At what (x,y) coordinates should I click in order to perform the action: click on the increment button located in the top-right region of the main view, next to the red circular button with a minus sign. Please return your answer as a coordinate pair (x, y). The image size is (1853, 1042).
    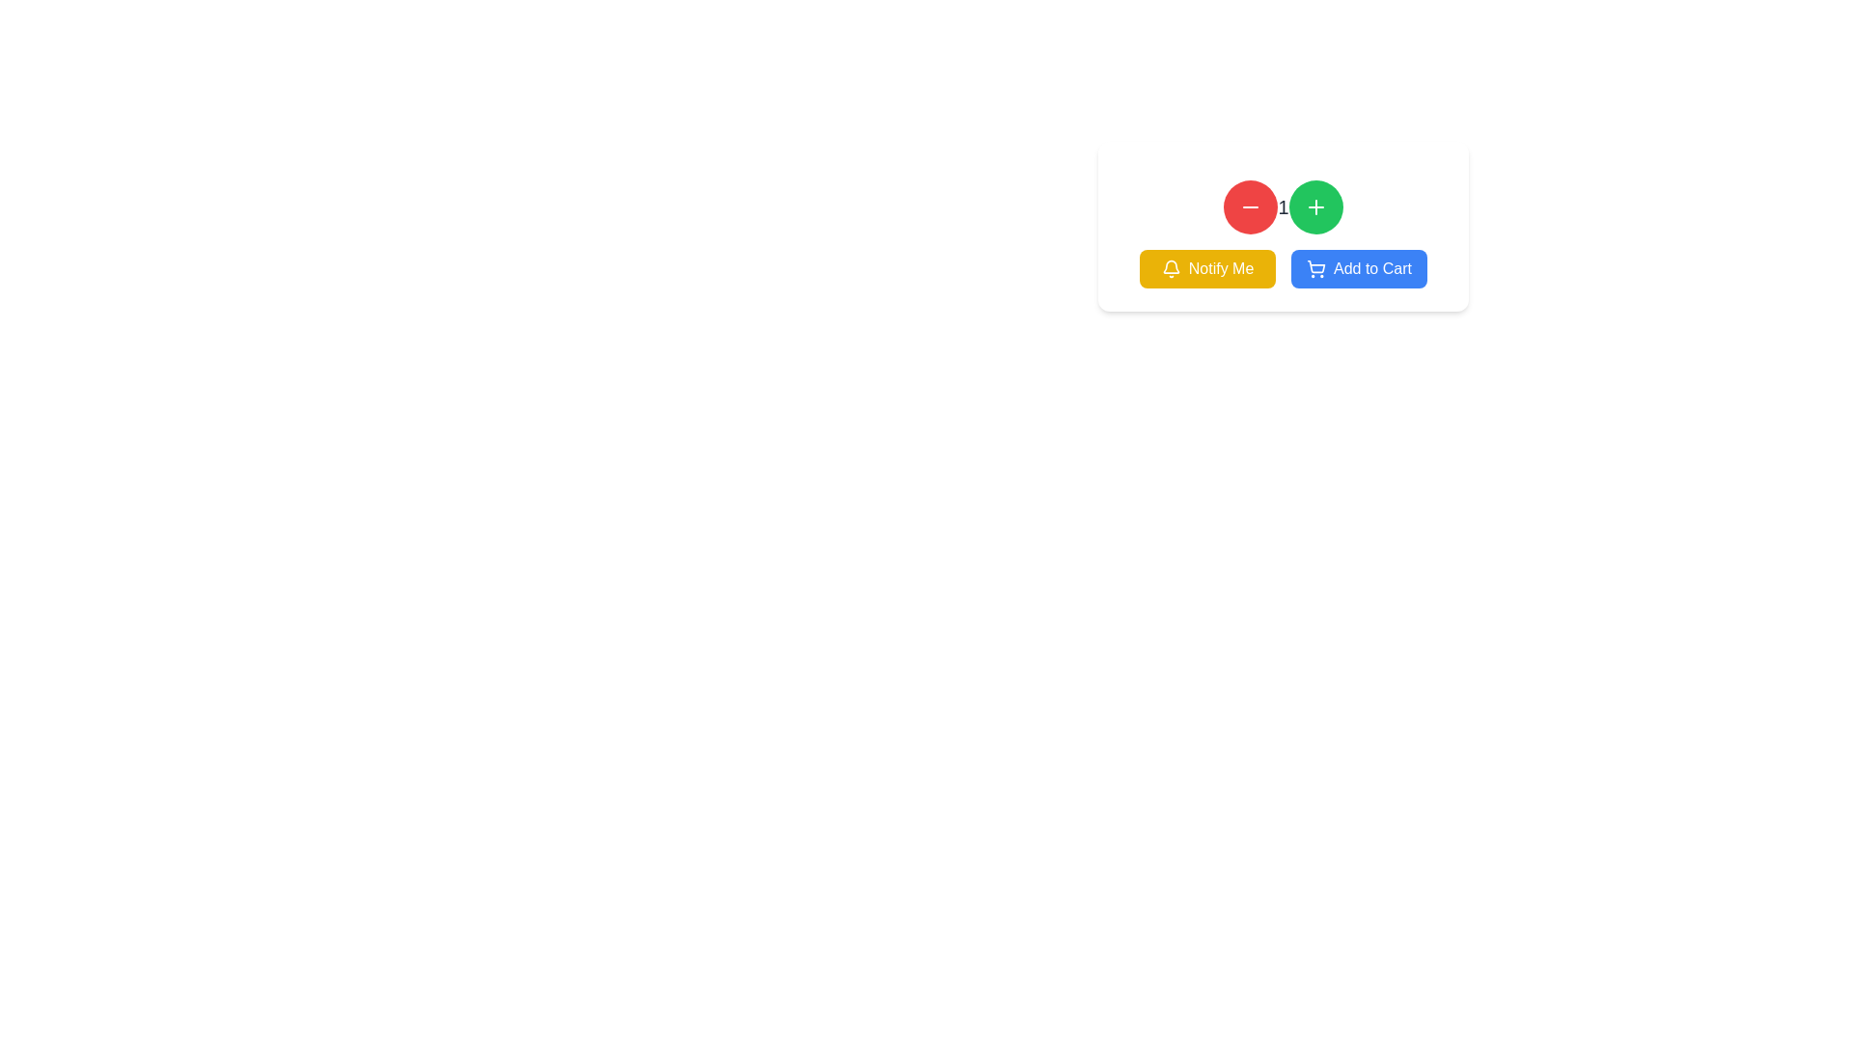
    Looking at the image, I should click on (1314, 207).